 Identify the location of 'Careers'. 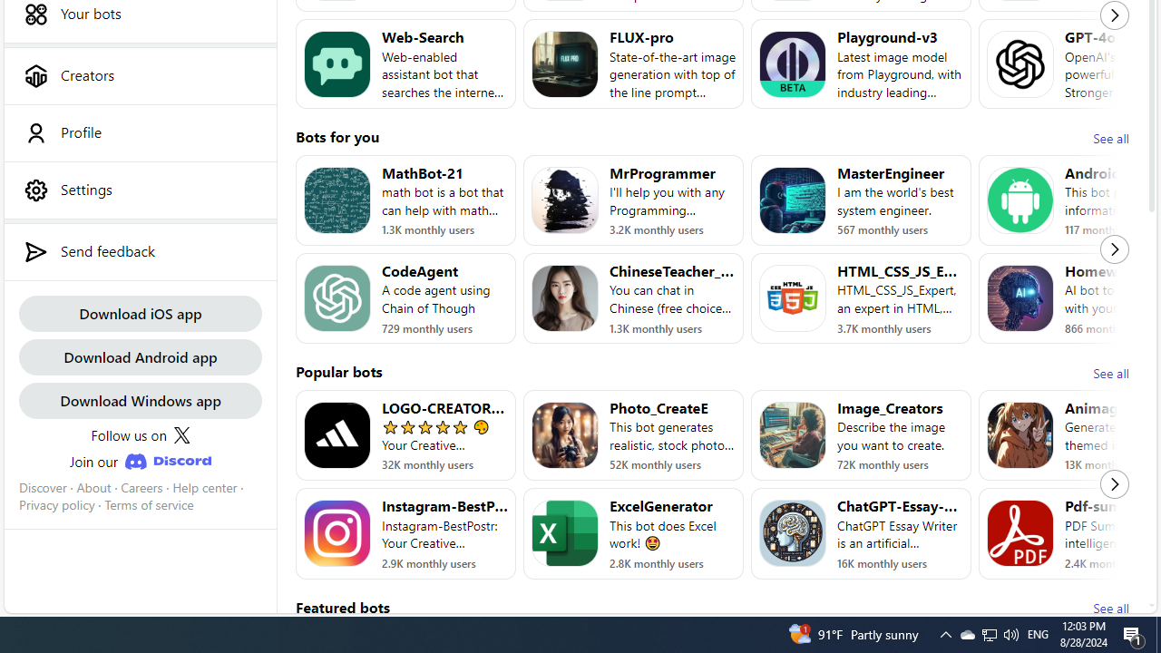
(141, 486).